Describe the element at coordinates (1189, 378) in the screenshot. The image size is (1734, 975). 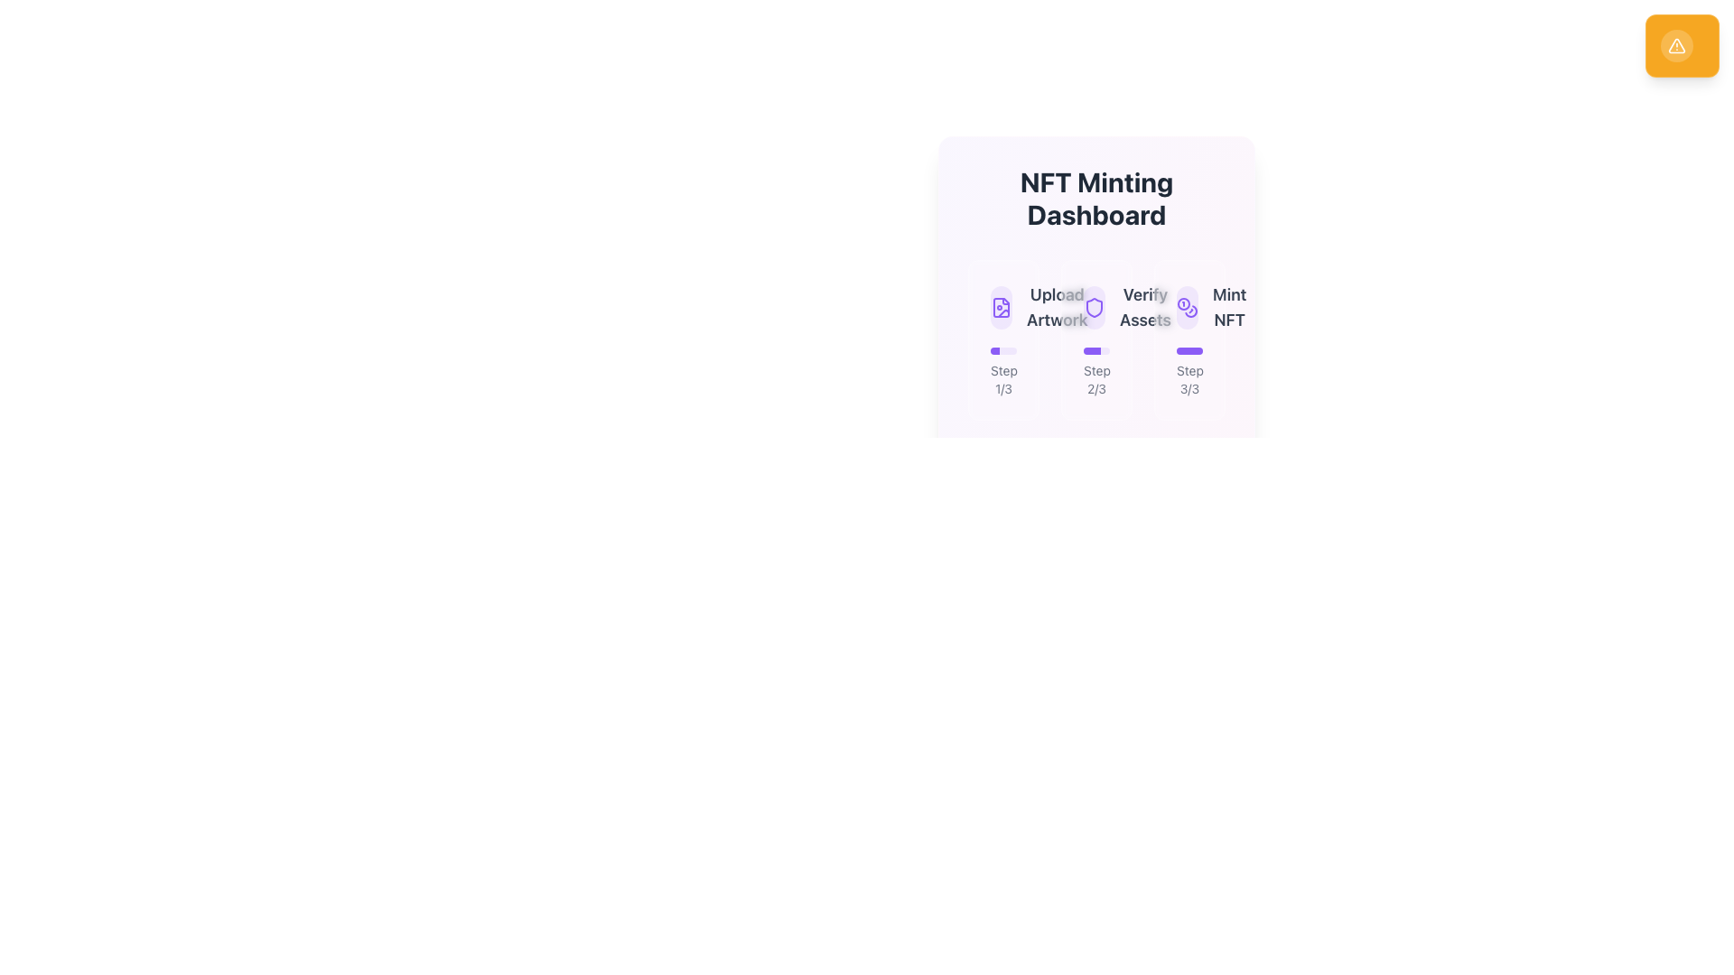
I see `text displayed in the static text label showing the current step number and total steps in the progress workflow, located beneath the progress bar in the 'Mint NFT' section` at that location.